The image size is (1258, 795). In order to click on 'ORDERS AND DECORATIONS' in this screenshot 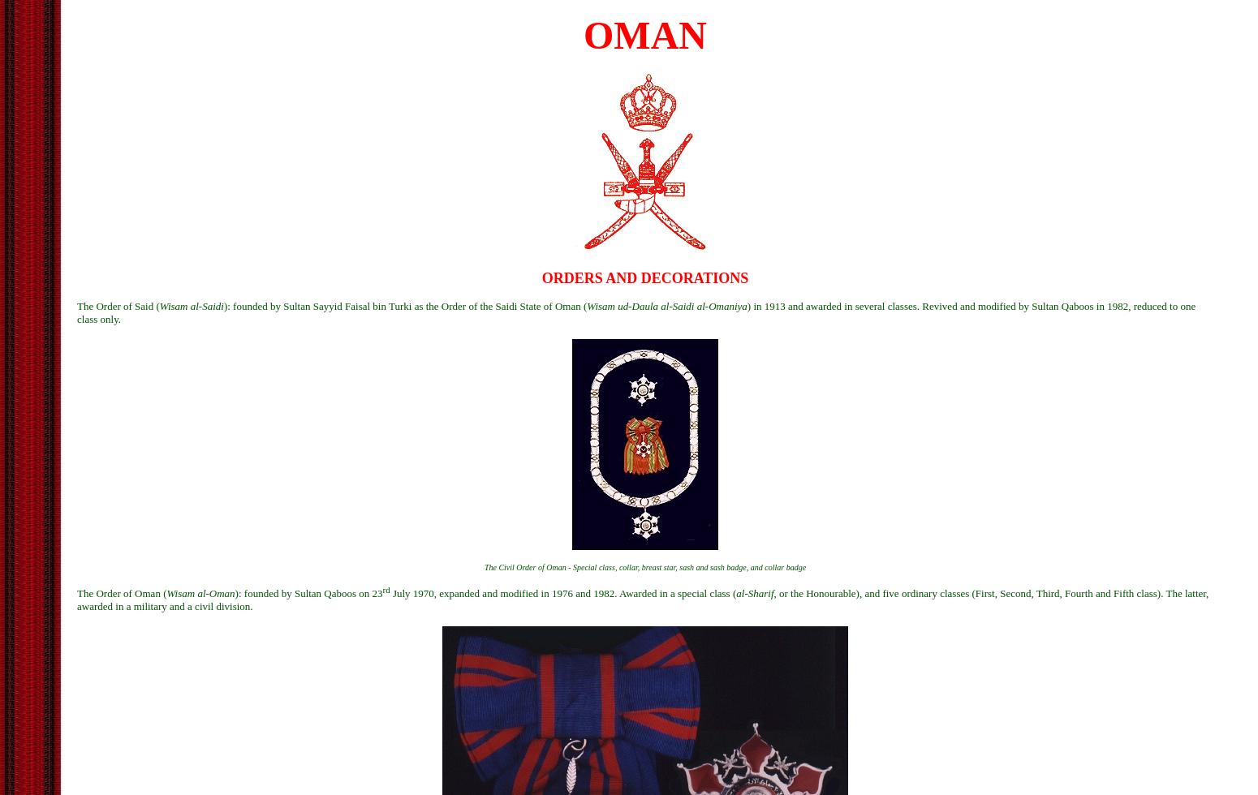, I will do `click(644, 278)`.